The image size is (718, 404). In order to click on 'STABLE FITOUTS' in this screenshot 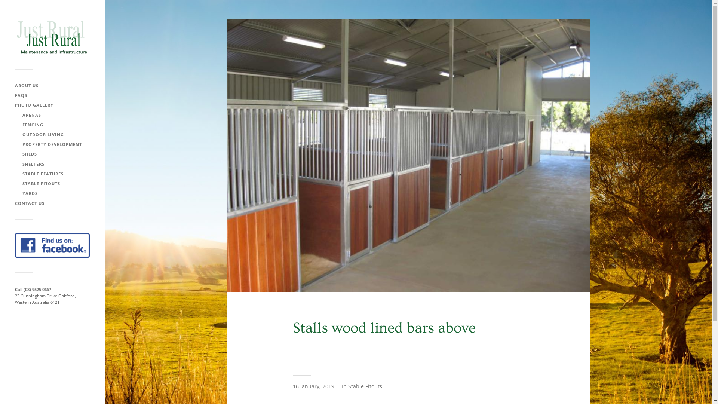, I will do `click(41, 183)`.